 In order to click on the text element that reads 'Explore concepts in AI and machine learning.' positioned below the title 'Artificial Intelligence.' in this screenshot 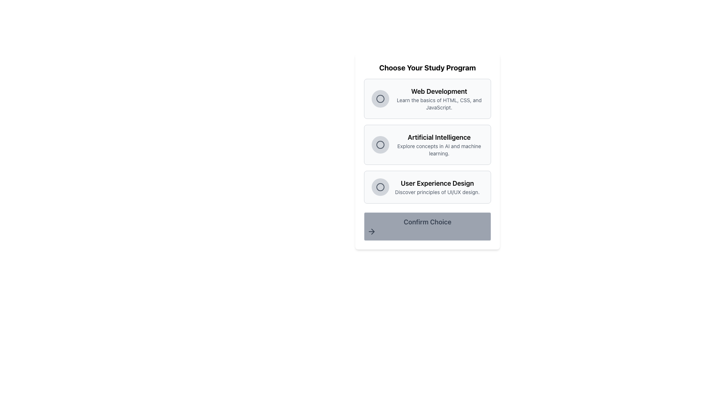, I will do `click(439, 150)`.